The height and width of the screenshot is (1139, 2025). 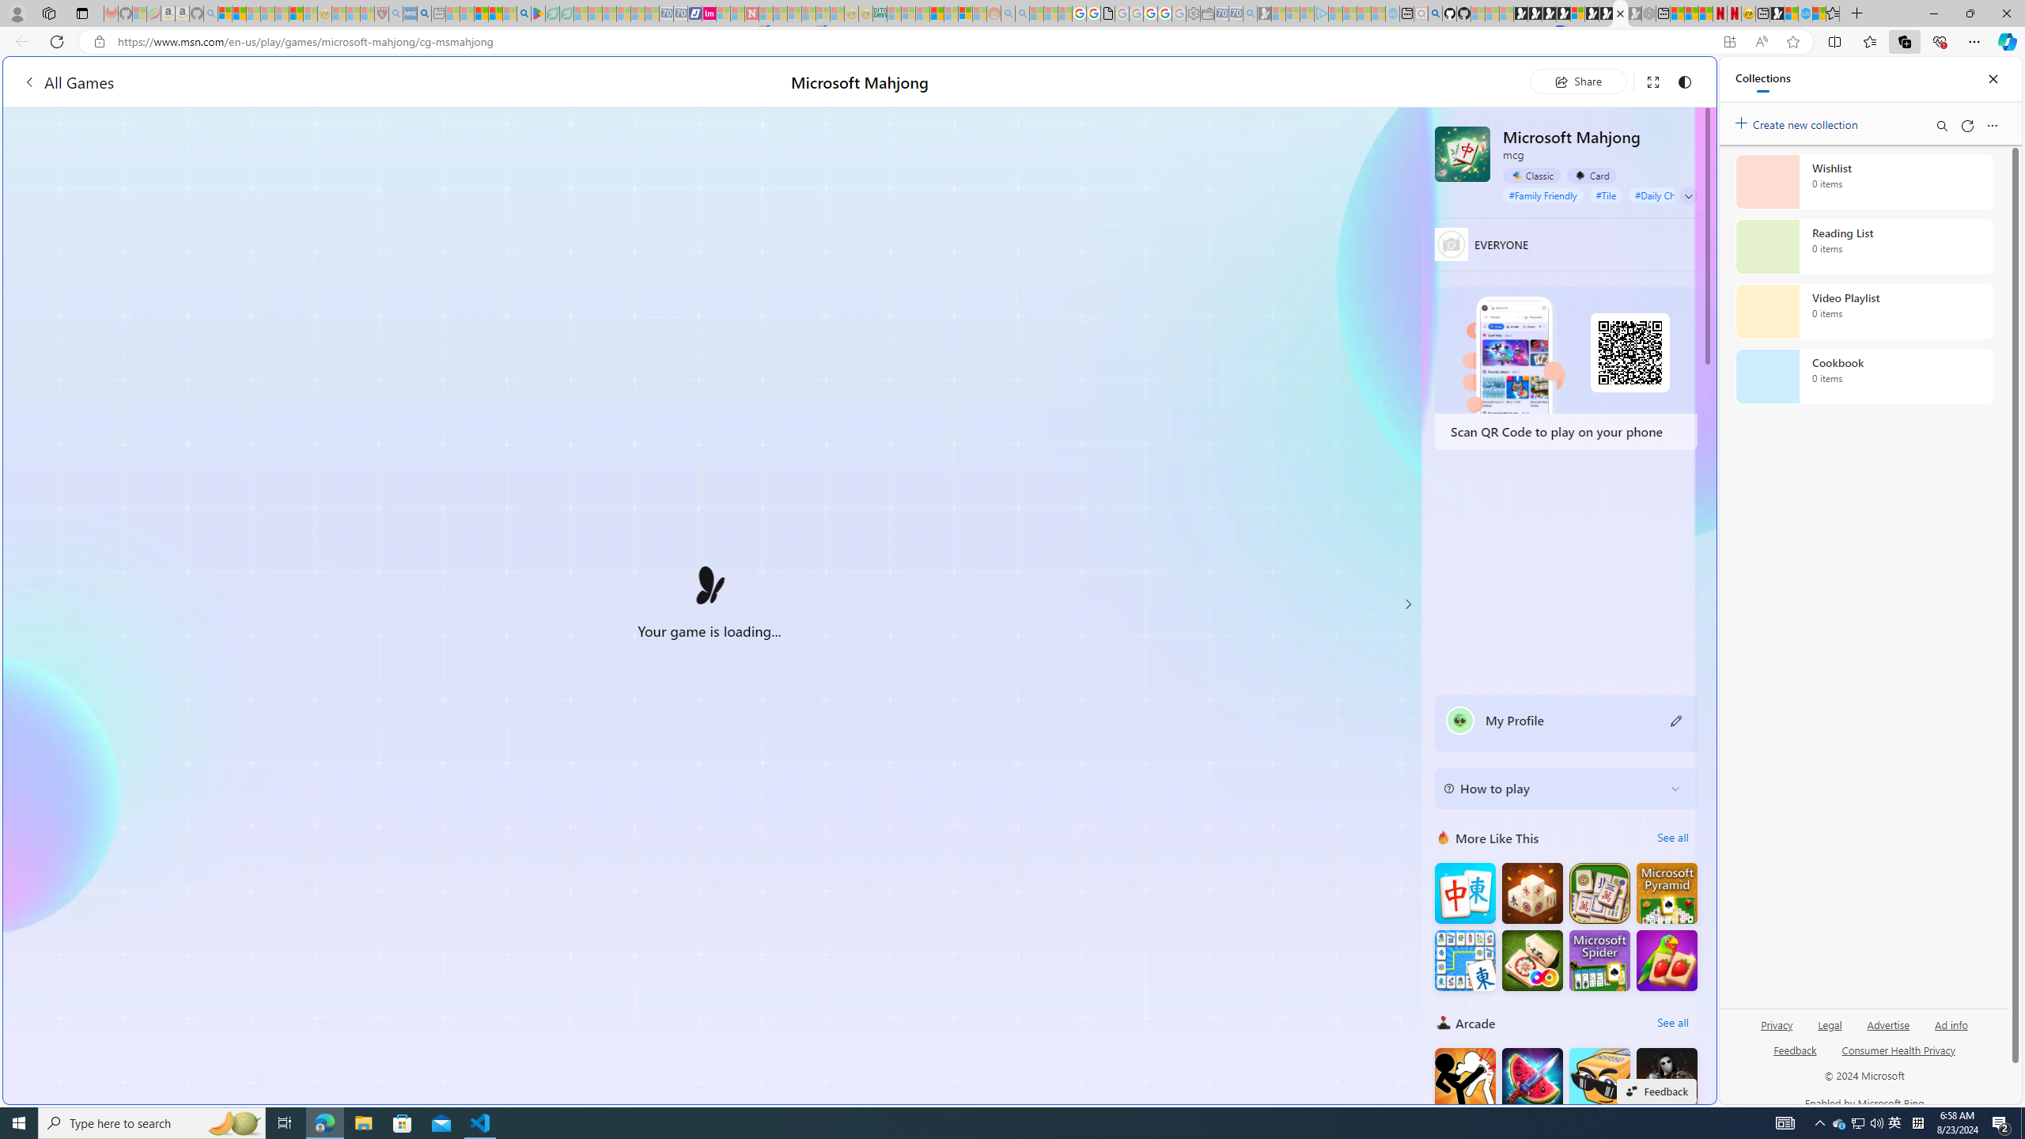 What do you see at coordinates (1864, 310) in the screenshot?
I see `'Video Playlist collection, 0 items'` at bounding box center [1864, 310].